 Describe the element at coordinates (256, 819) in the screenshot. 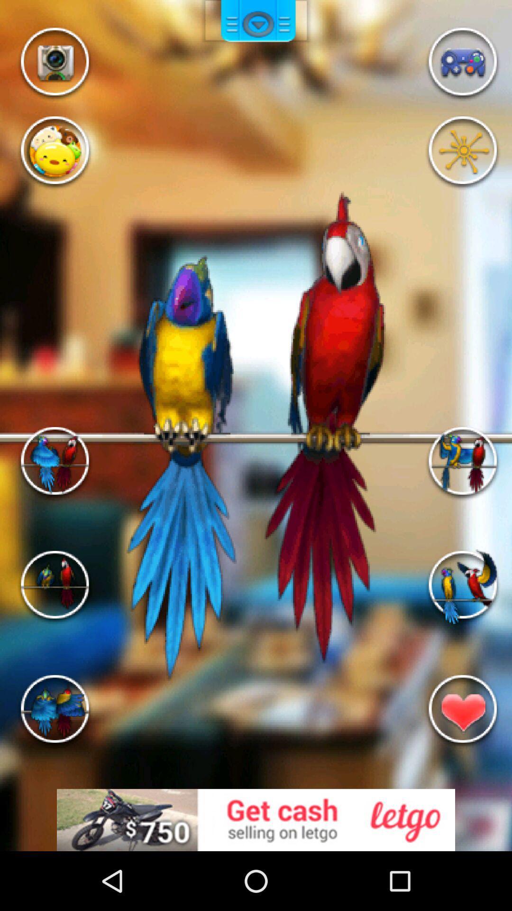

I see `open advertisement` at that location.